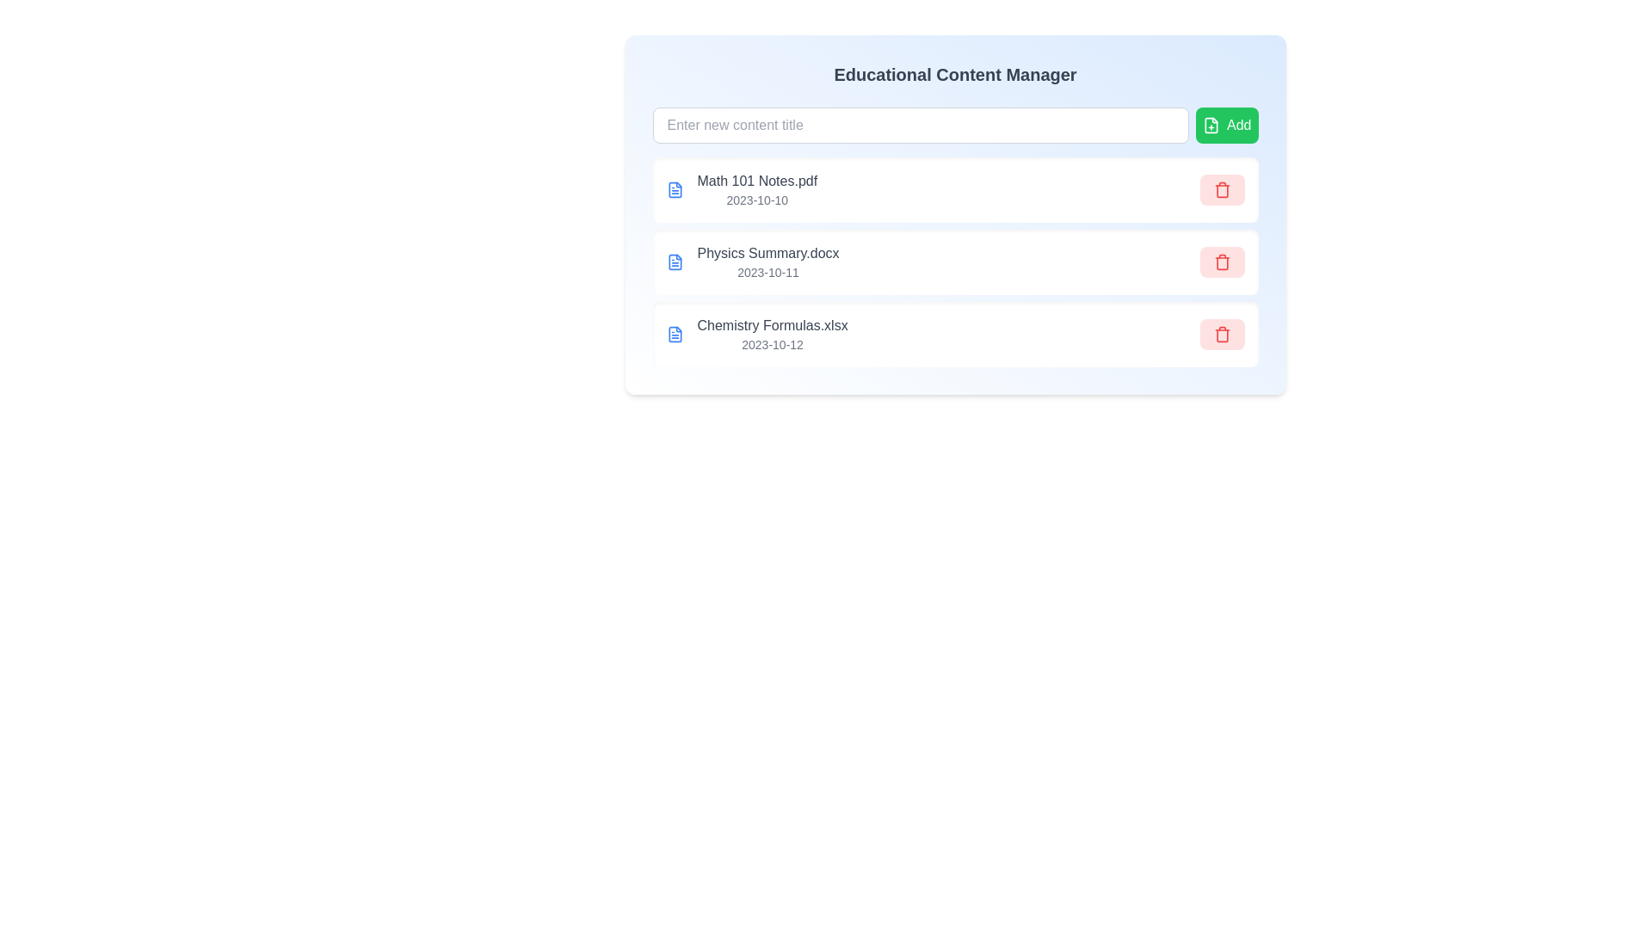  What do you see at coordinates (674, 189) in the screenshot?
I see `the small blue file icon representing 'Math 101 Notes.pdf' located on the left side of the first row in the document list` at bounding box center [674, 189].